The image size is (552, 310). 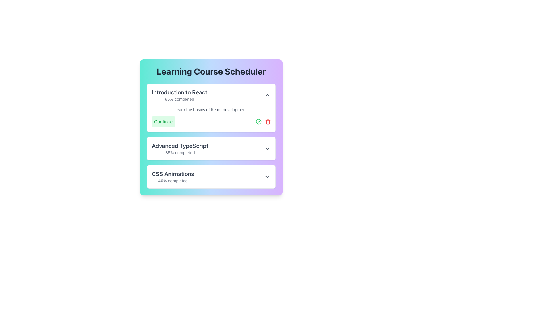 What do you see at coordinates (180, 152) in the screenshot?
I see `the progress indicator text displaying the percentage completion of the 'Advanced TypeScript' course module located in the second course block of the 'Learning Course Scheduler' interface` at bounding box center [180, 152].